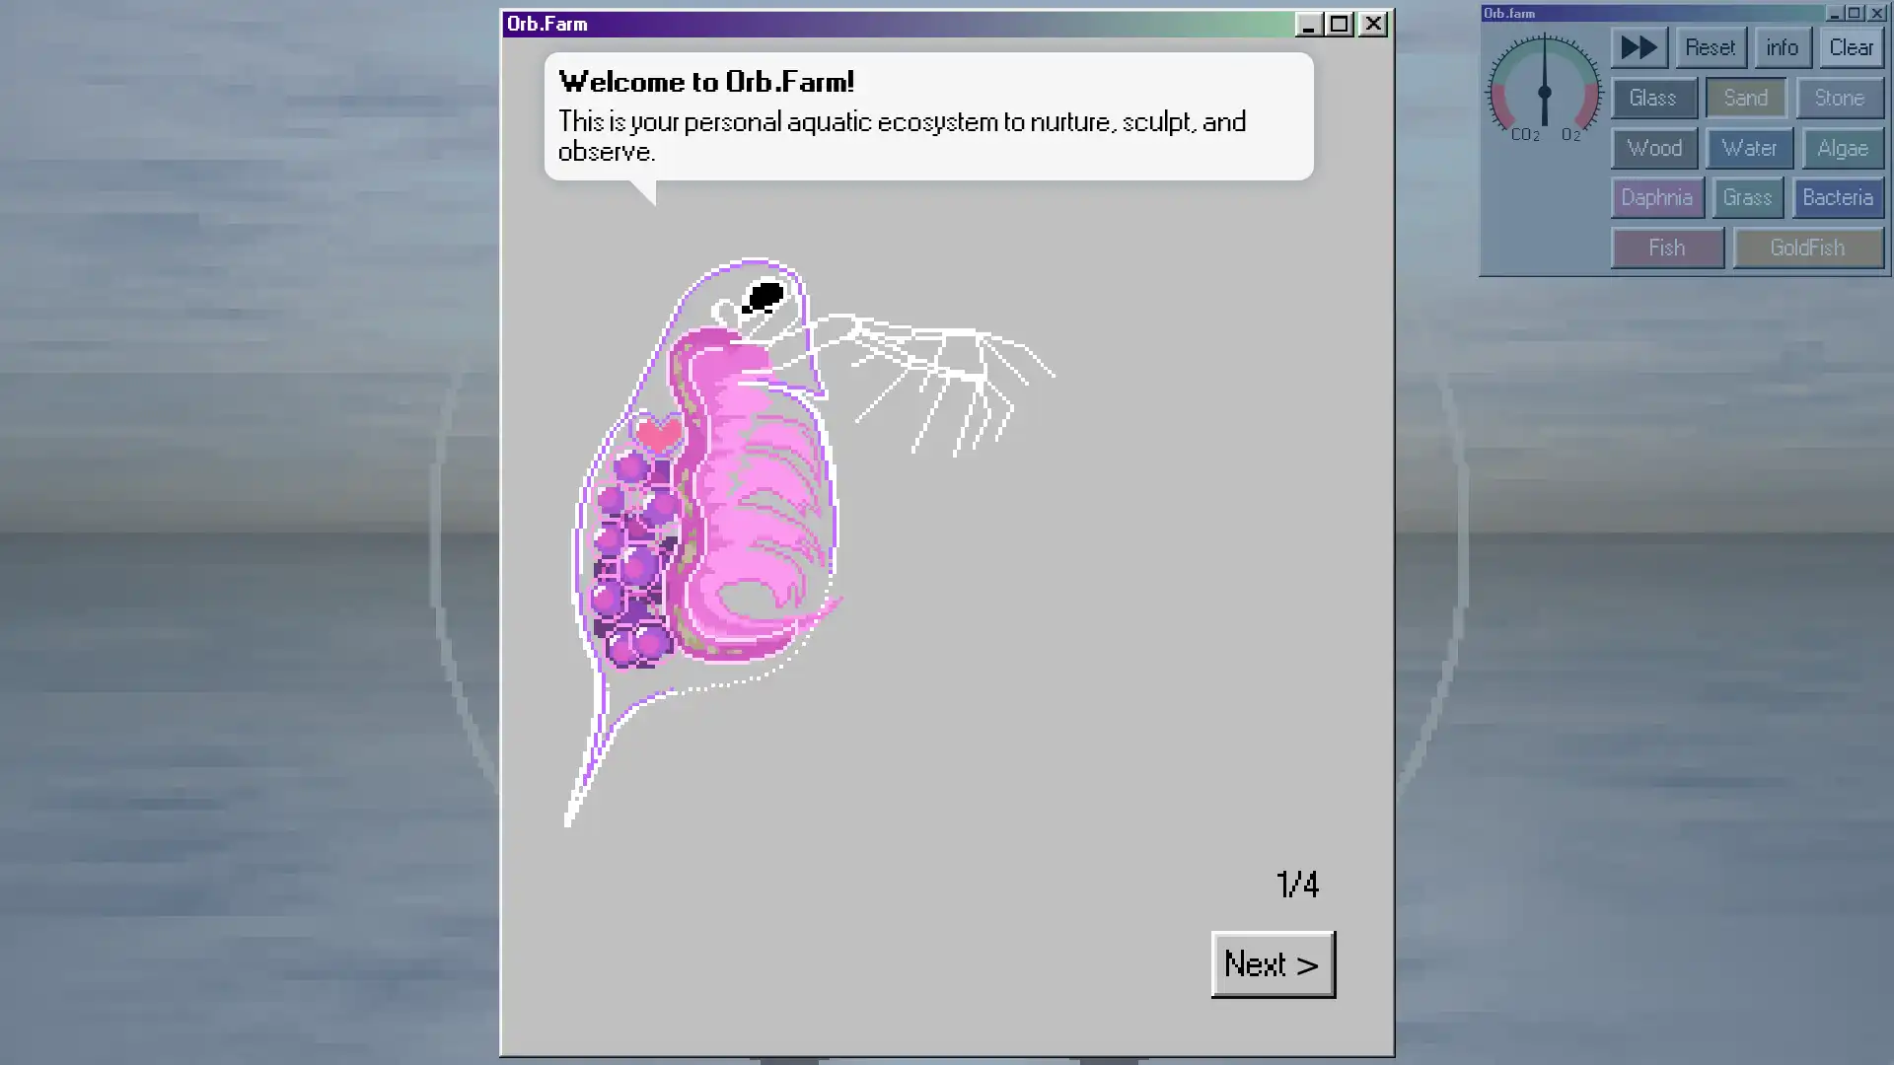  I want to click on Wood, so click(881, 77).